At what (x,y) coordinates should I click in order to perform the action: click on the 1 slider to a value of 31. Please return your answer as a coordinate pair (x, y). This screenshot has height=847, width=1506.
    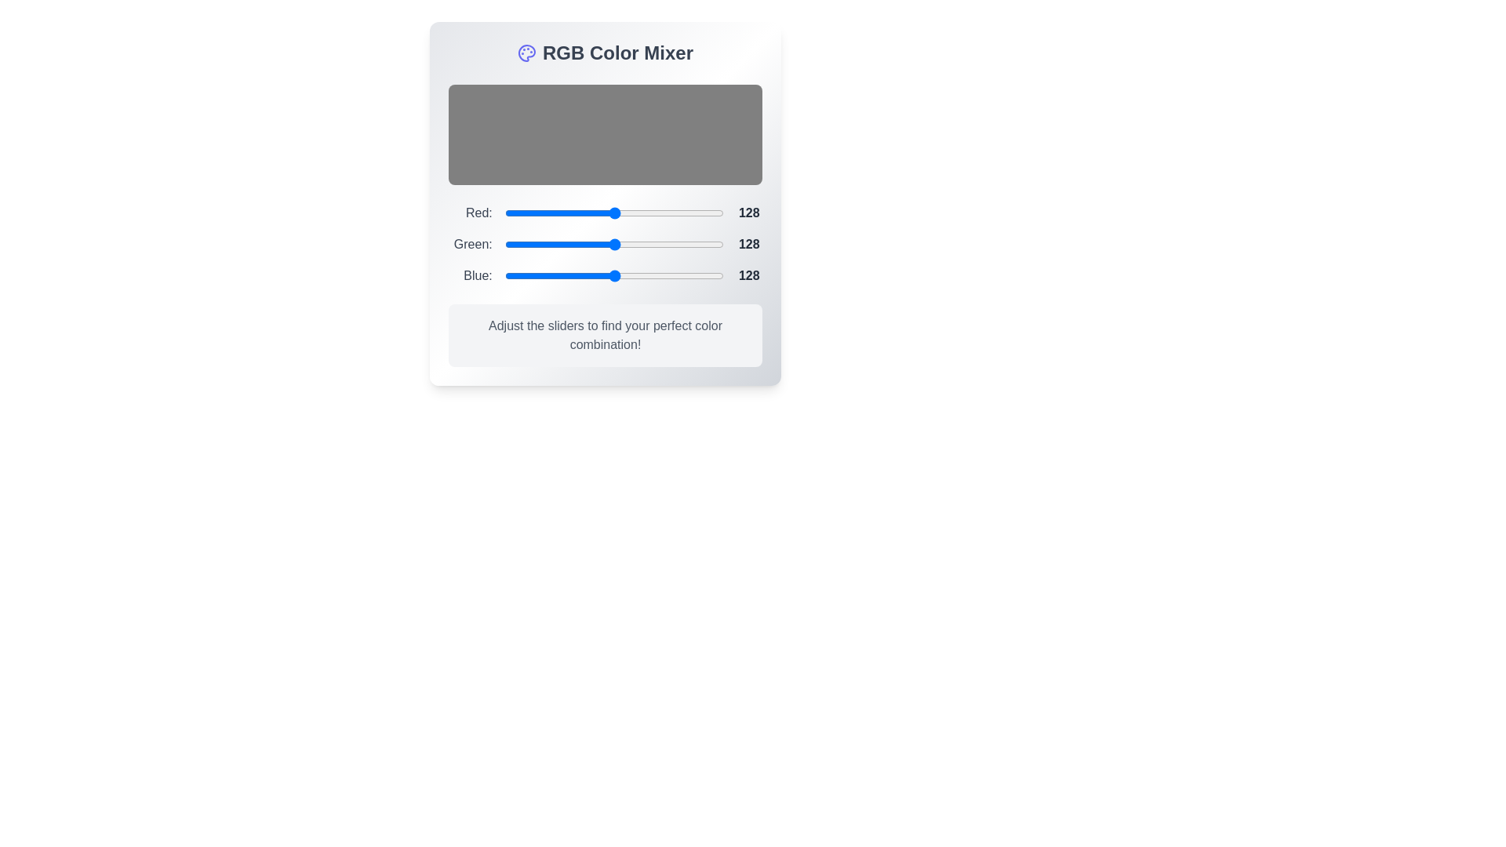
    Looking at the image, I should click on (627, 245).